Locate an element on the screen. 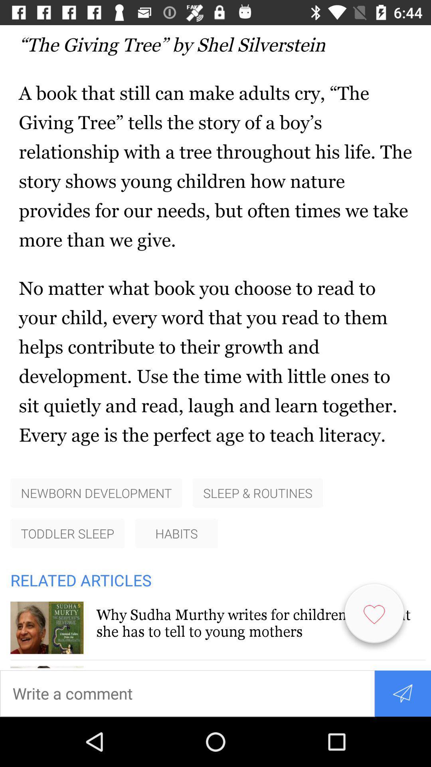  the favorite icon is located at coordinates (374, 616).